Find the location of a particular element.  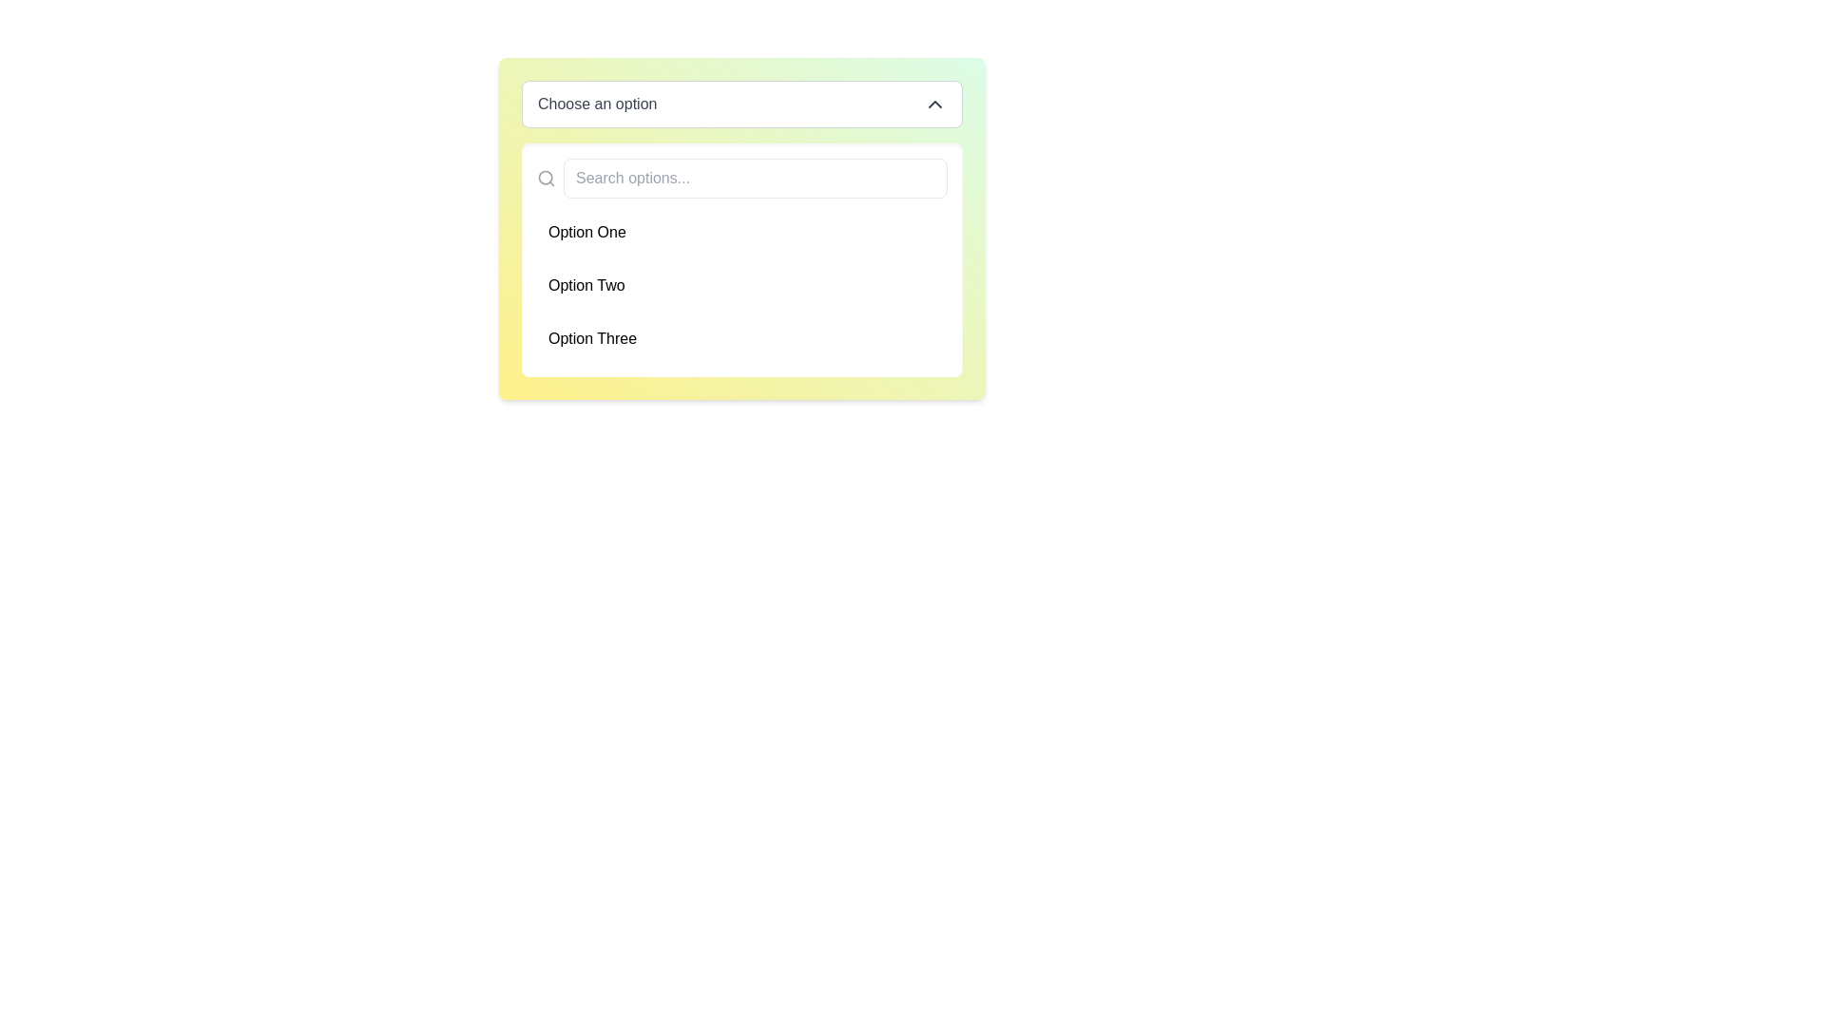

the text label 'Choose an option' which is part of a dropdown button located at the upper-left region of the dropdown interface is located at coordinates (596, 104).